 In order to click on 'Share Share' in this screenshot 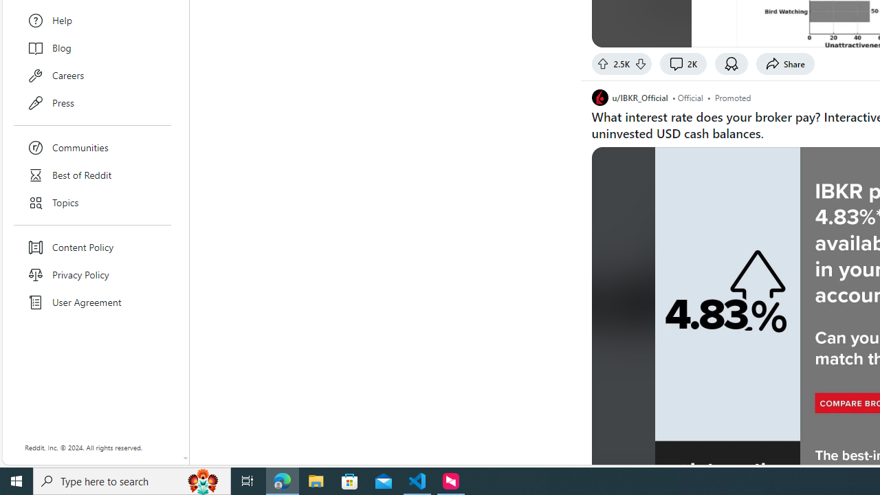, I will do `click(785, 63)`.